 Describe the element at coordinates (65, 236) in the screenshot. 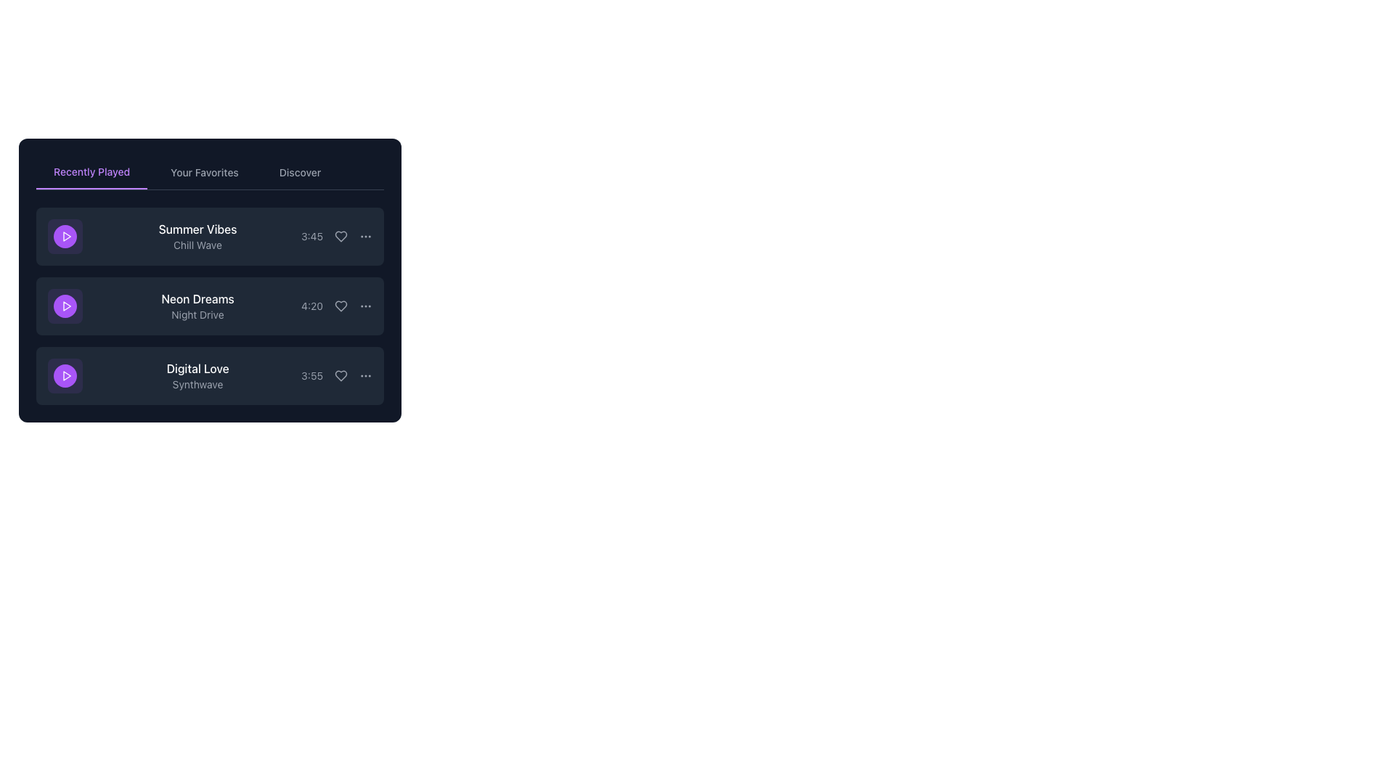

I see `the play icon button to the left of the 'Summer Vibes' song entry in the 'Recently Played' tab` at that location.